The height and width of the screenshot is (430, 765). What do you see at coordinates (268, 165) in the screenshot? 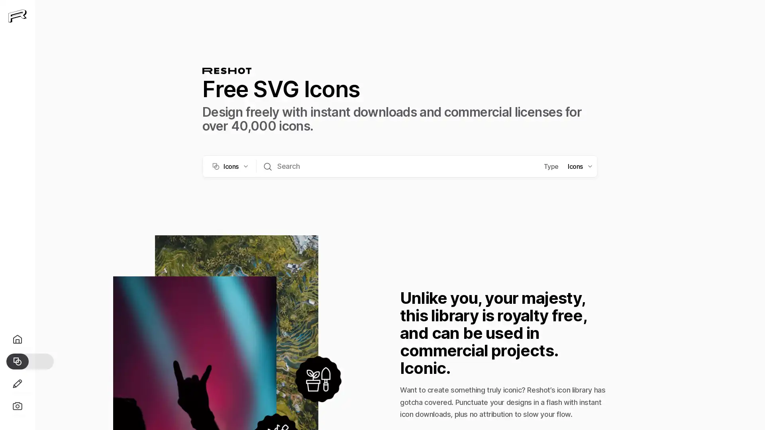
I see `Search` at bounding box center [268, 165].